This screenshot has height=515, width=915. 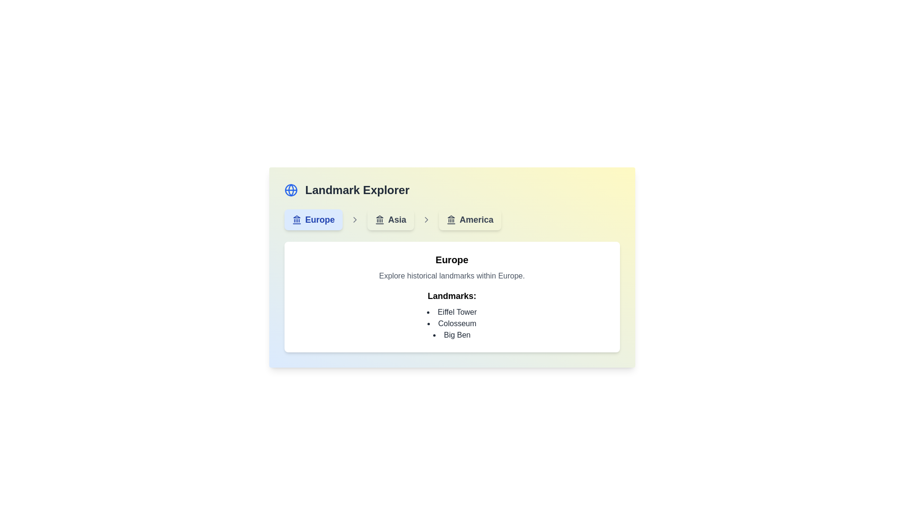 What do you see at coordinates (426, 220) in the screenshot?
I see `the right-pointing chevron navigation icon, which is positioned between the 'Europe' and 'Asia' buttons in the top-center region of the layout` at bounding box center [426, 220].